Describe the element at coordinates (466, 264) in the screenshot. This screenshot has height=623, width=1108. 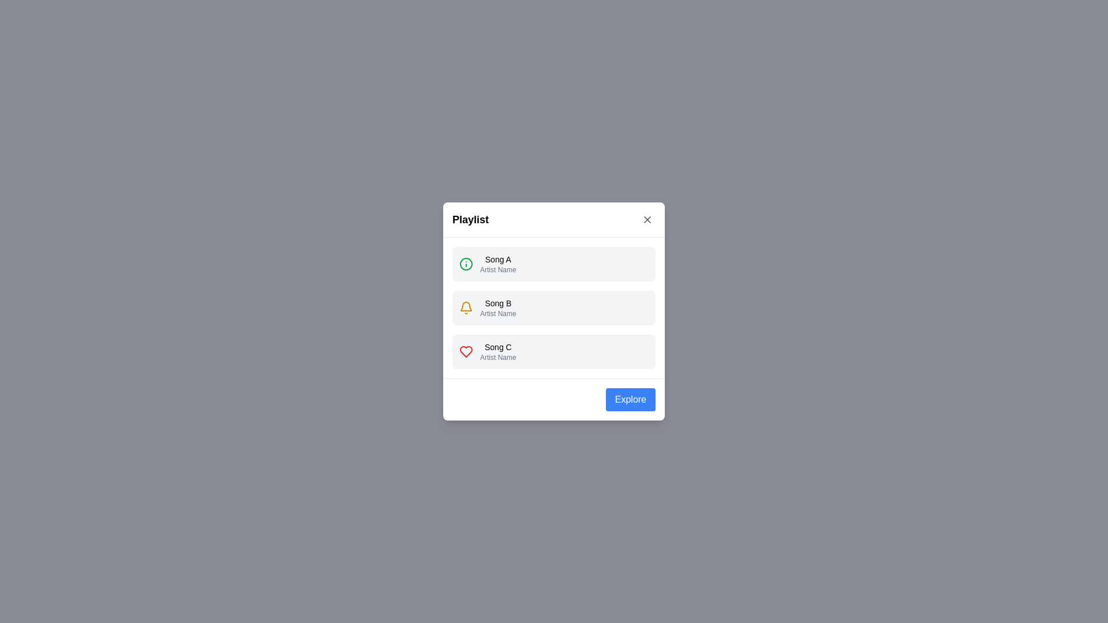
I see `the green circular informational icon with a central exclamation mark located to the left of the text 'Song A' and 'Artist Name'` at that location.